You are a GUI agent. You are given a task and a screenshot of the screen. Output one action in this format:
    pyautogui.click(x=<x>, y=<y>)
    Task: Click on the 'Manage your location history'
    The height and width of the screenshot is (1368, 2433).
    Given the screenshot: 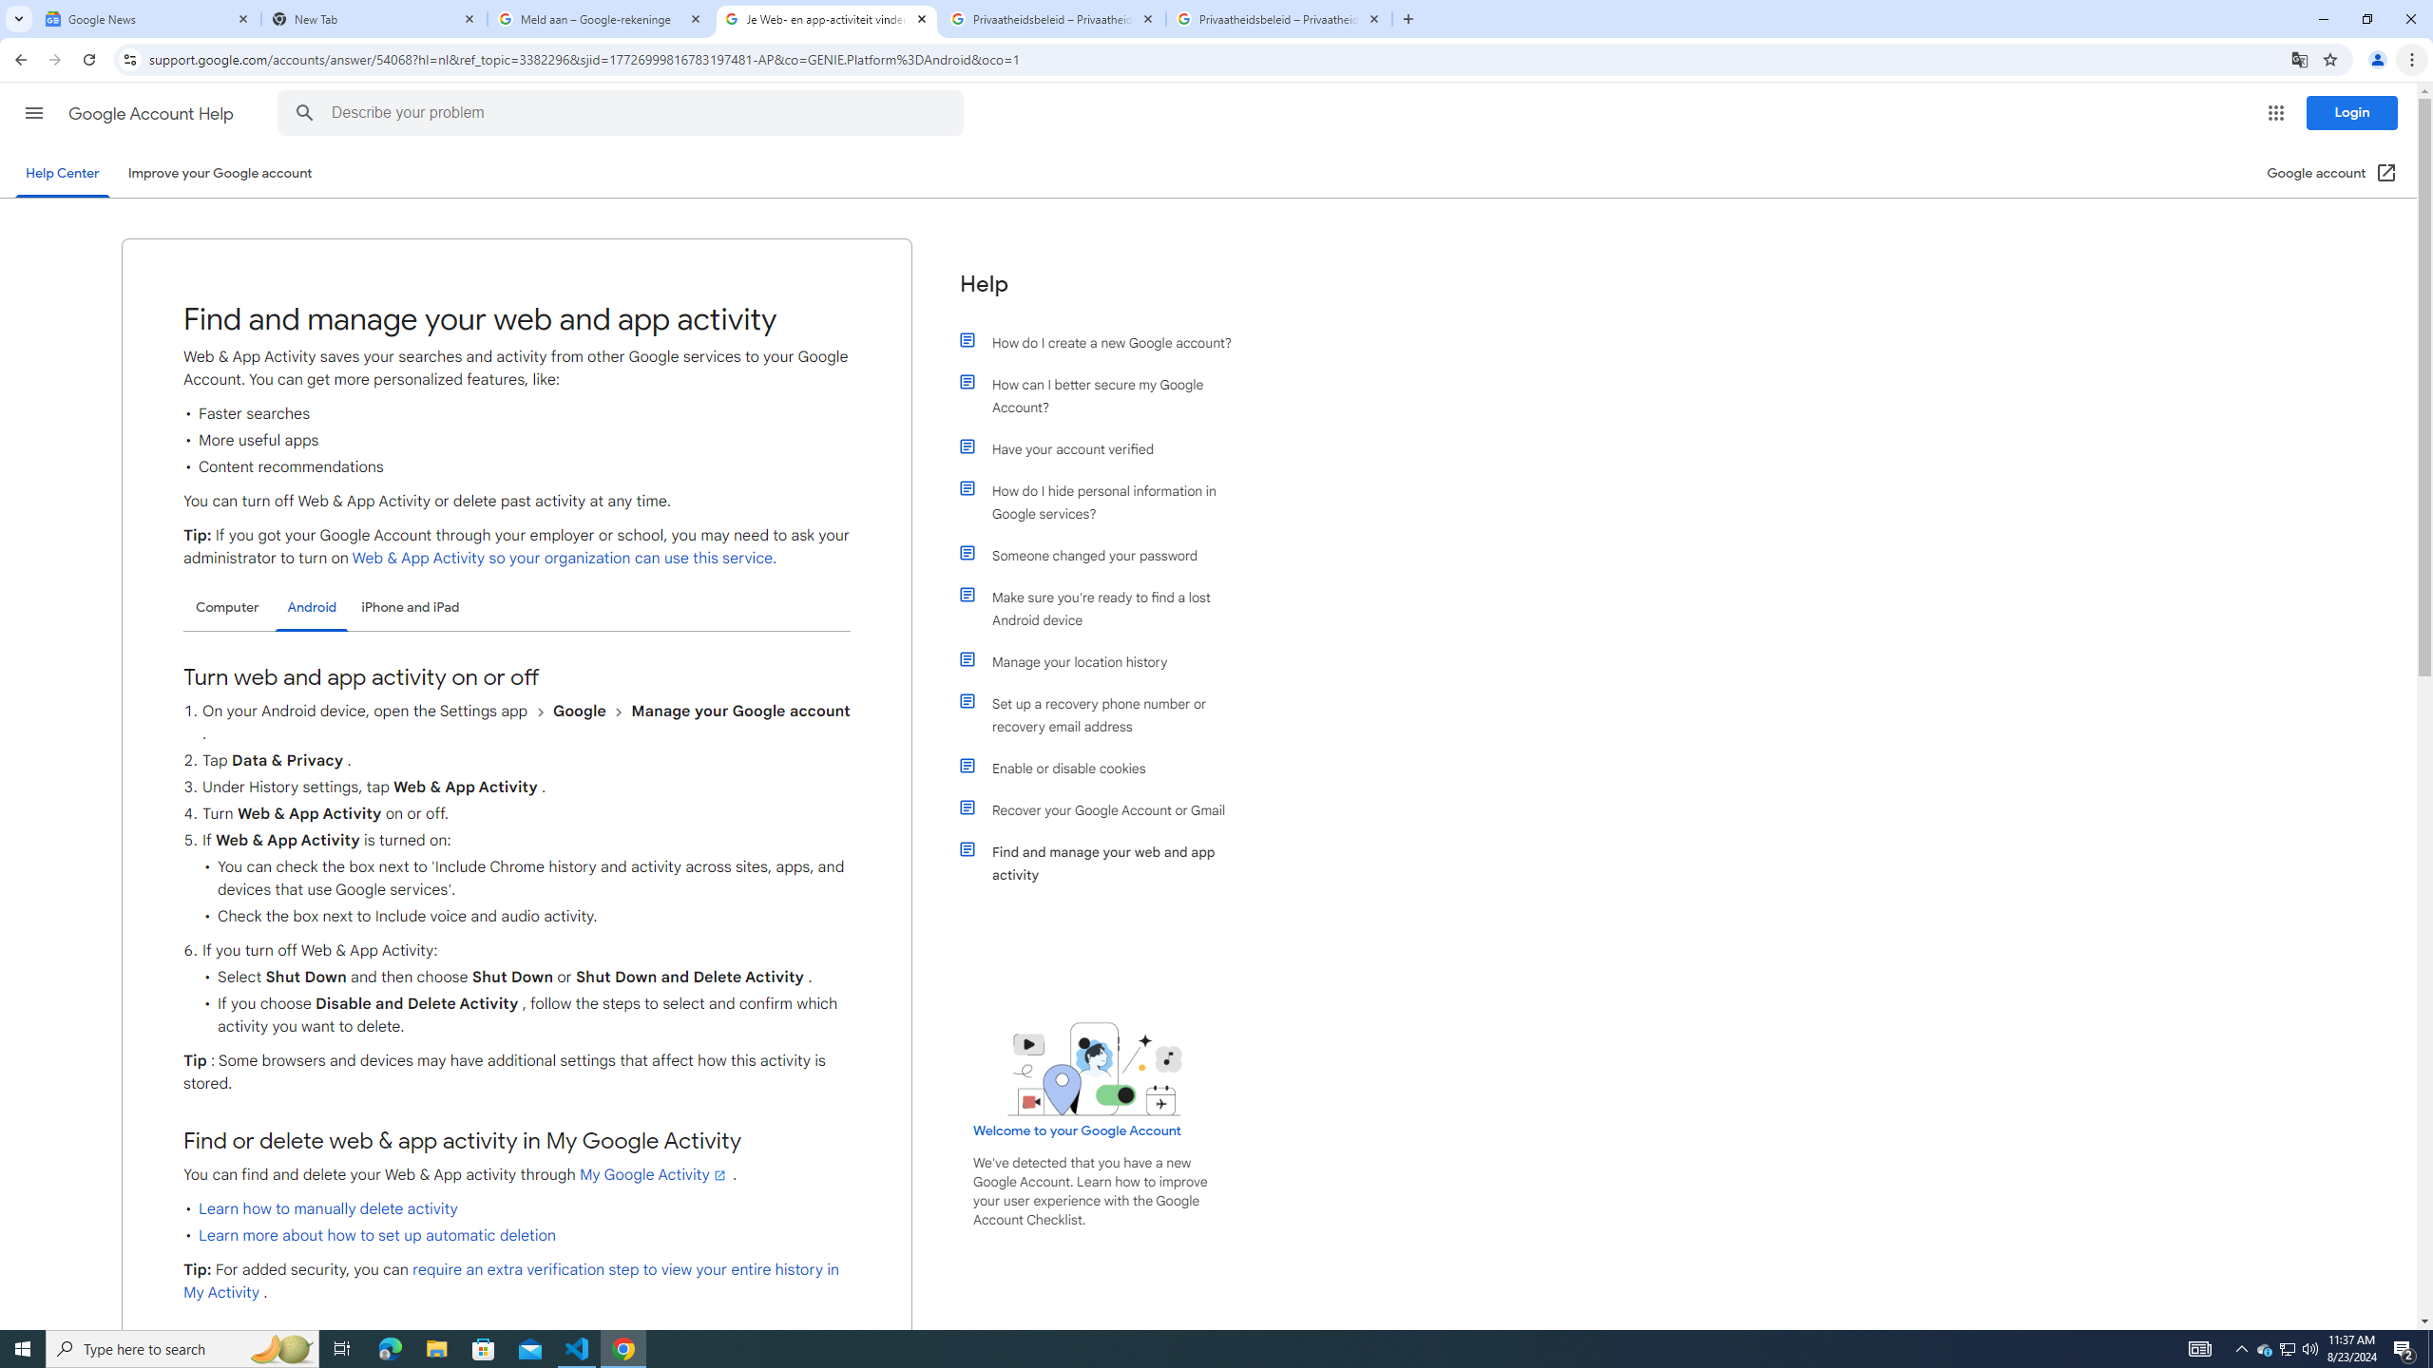 What is the action you would take?
    pyautogui.click(x=1104, y=661)
    